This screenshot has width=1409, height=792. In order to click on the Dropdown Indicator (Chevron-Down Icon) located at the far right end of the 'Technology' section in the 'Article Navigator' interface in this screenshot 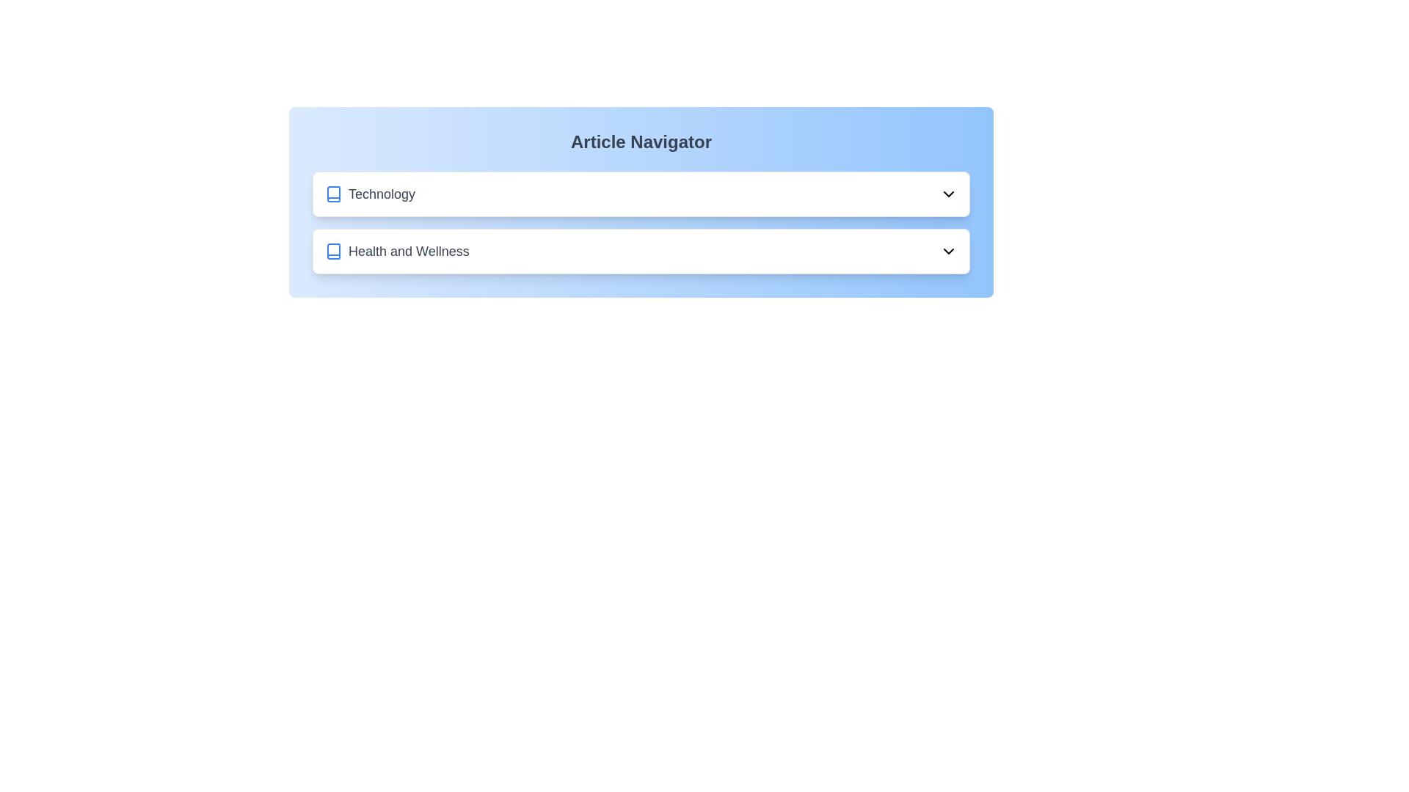, I will do `click(948, 194)`.